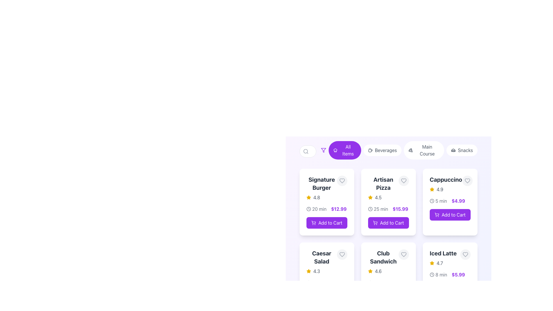  Describe the element at coordinates (382, 150) in the screenshot. I see `the 'Beverages' category selection button in the navigation menu to navigate` at that location.